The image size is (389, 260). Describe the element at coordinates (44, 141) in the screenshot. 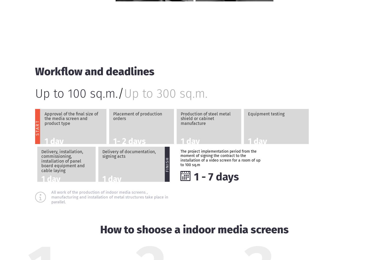

I see `'1              day'` at that location.